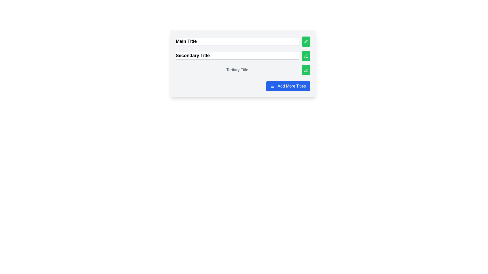  I want to click on the green edit button located to the far right of the 'Tertiary Title' text, so click(306, 70).